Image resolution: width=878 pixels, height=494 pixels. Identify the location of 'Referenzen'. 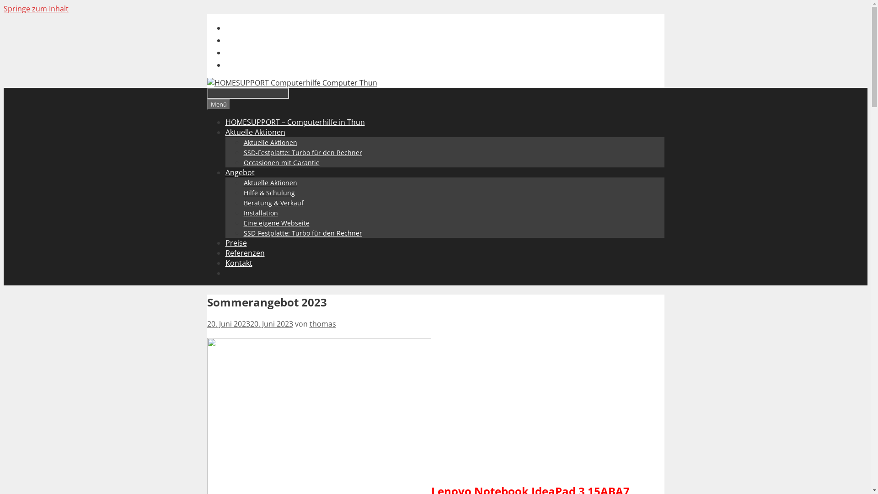
(244, 252).